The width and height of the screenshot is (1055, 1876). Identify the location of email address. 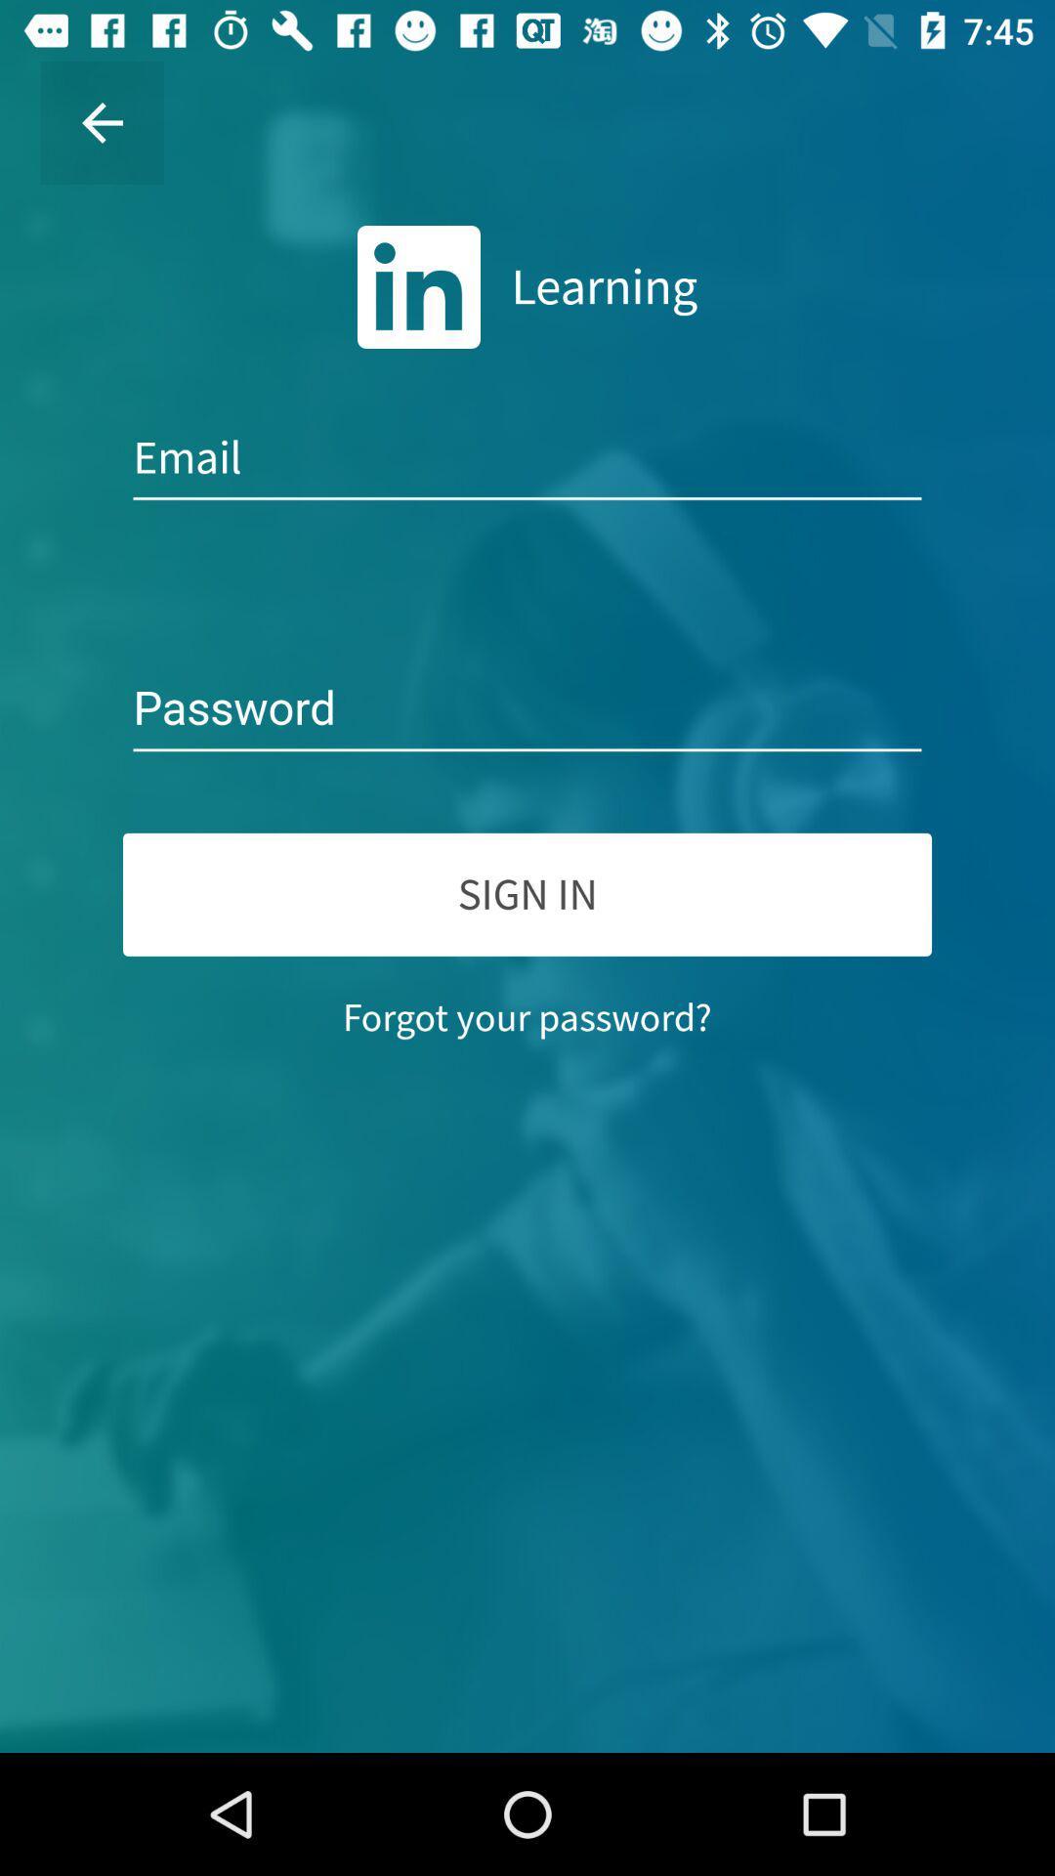
(527, 457).